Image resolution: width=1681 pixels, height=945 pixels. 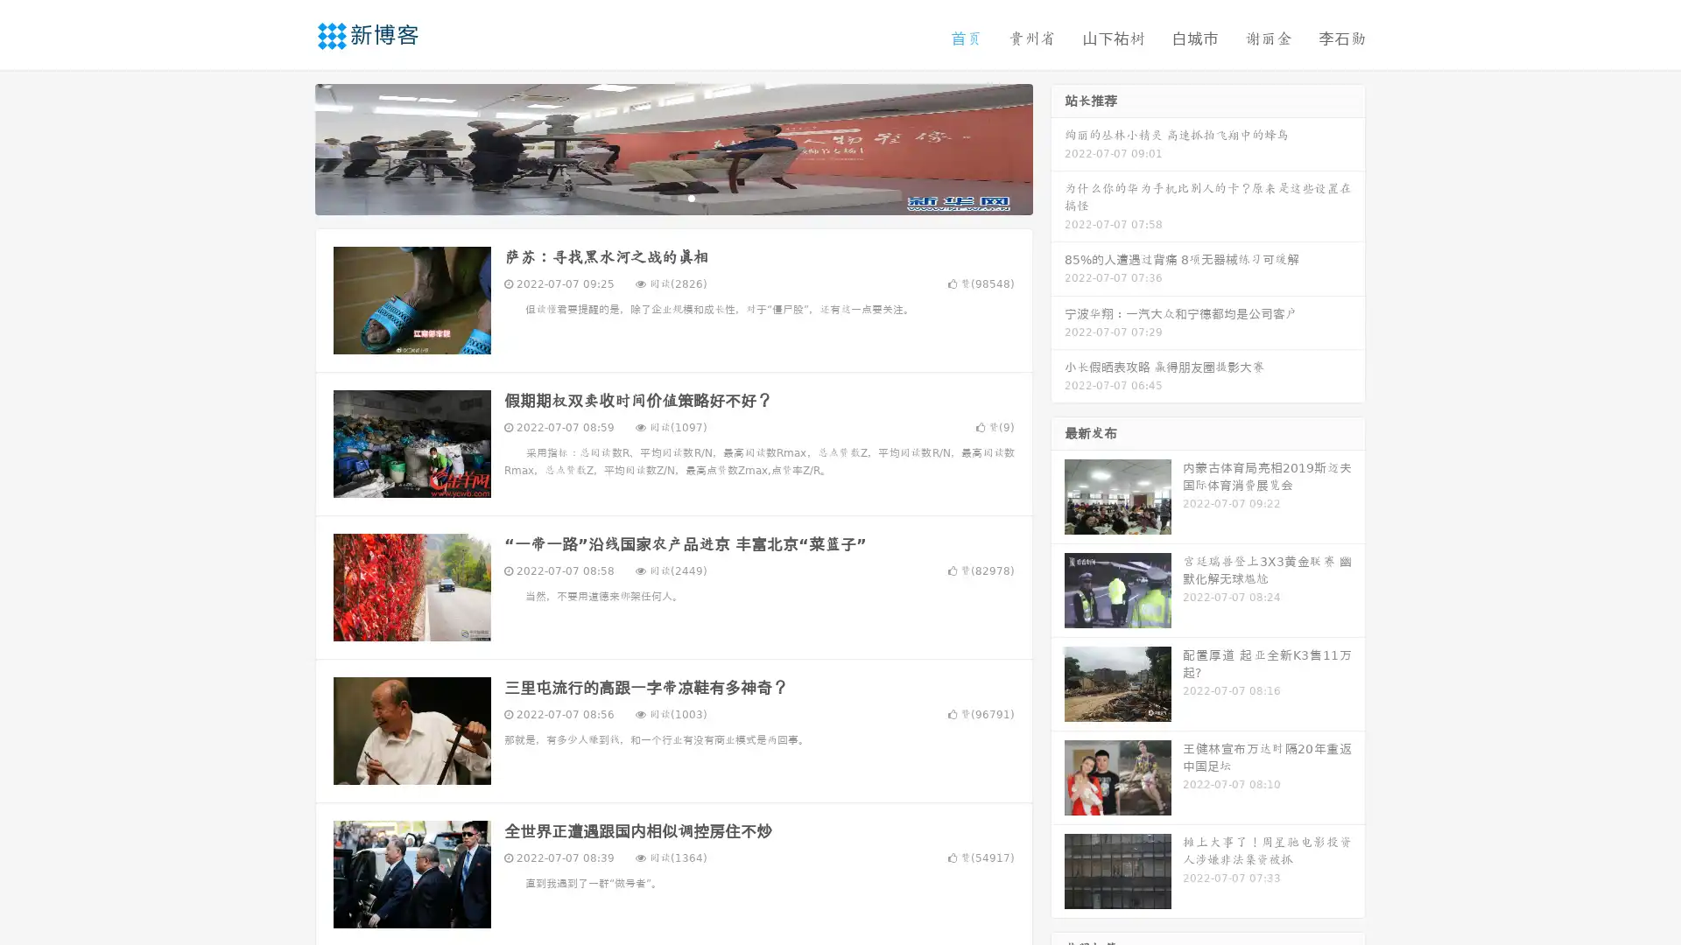 I want to click on Go to slide 2, so click(x=672, y=197).